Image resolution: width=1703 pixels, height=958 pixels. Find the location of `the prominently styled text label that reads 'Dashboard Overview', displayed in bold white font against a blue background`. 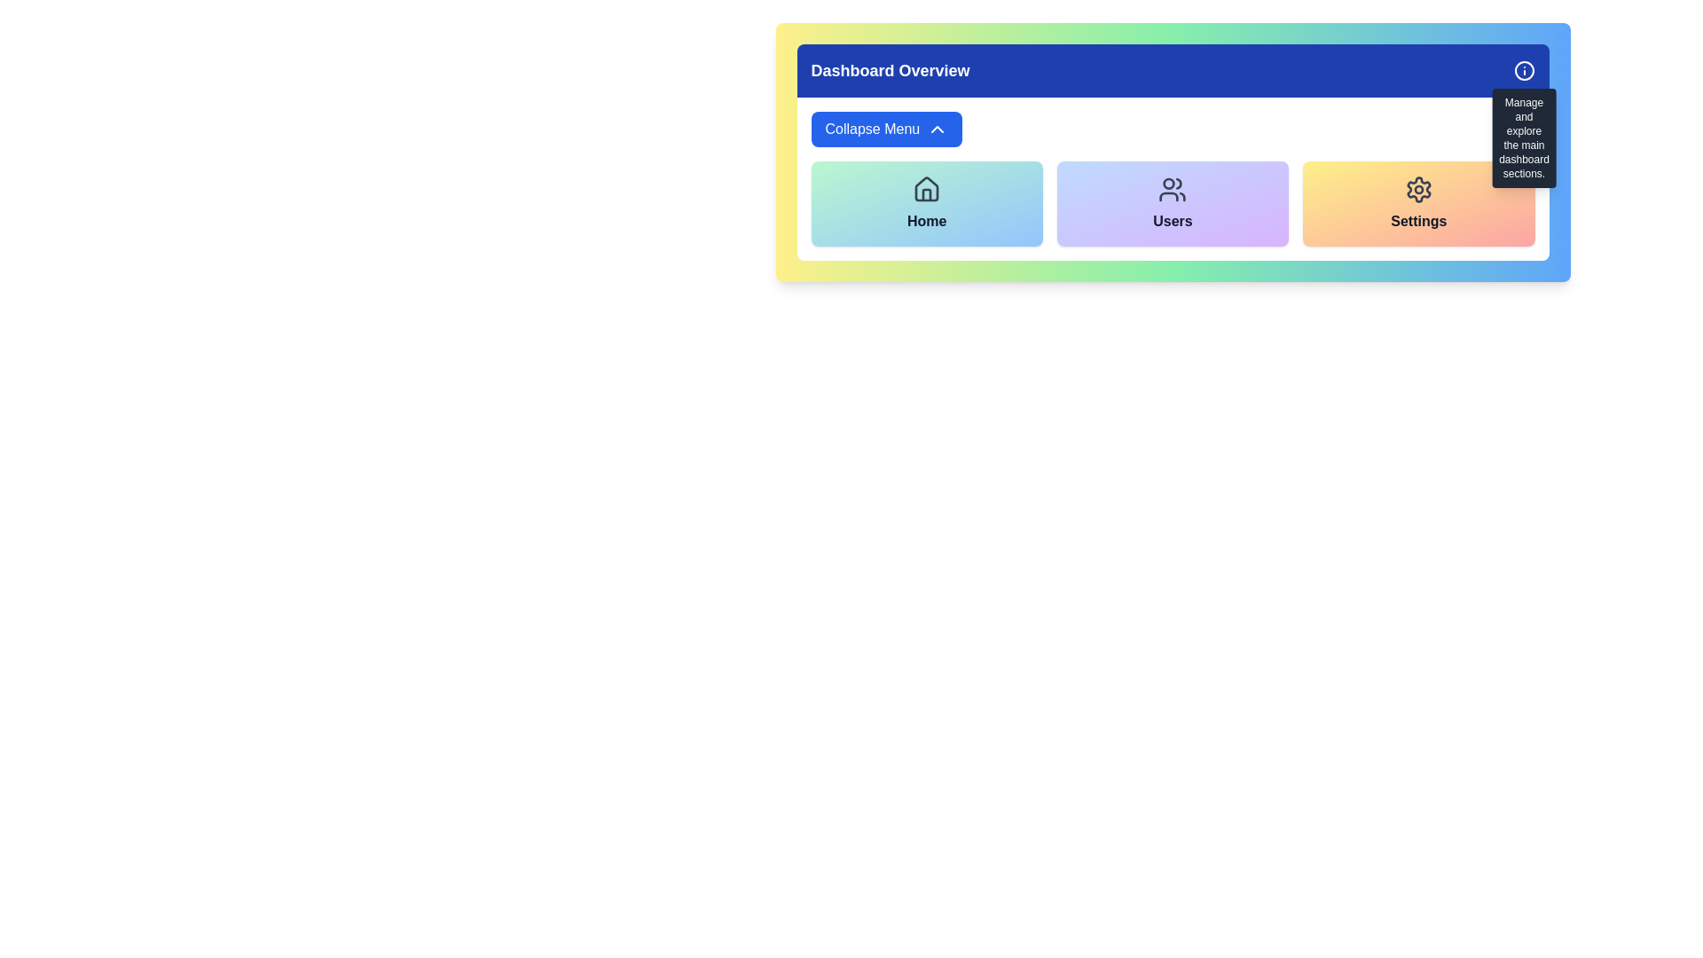

the prominently styled text label that reads 'Dashboard Overview', displayed in bold white font against a blue background is located at coordinates (890, 70).